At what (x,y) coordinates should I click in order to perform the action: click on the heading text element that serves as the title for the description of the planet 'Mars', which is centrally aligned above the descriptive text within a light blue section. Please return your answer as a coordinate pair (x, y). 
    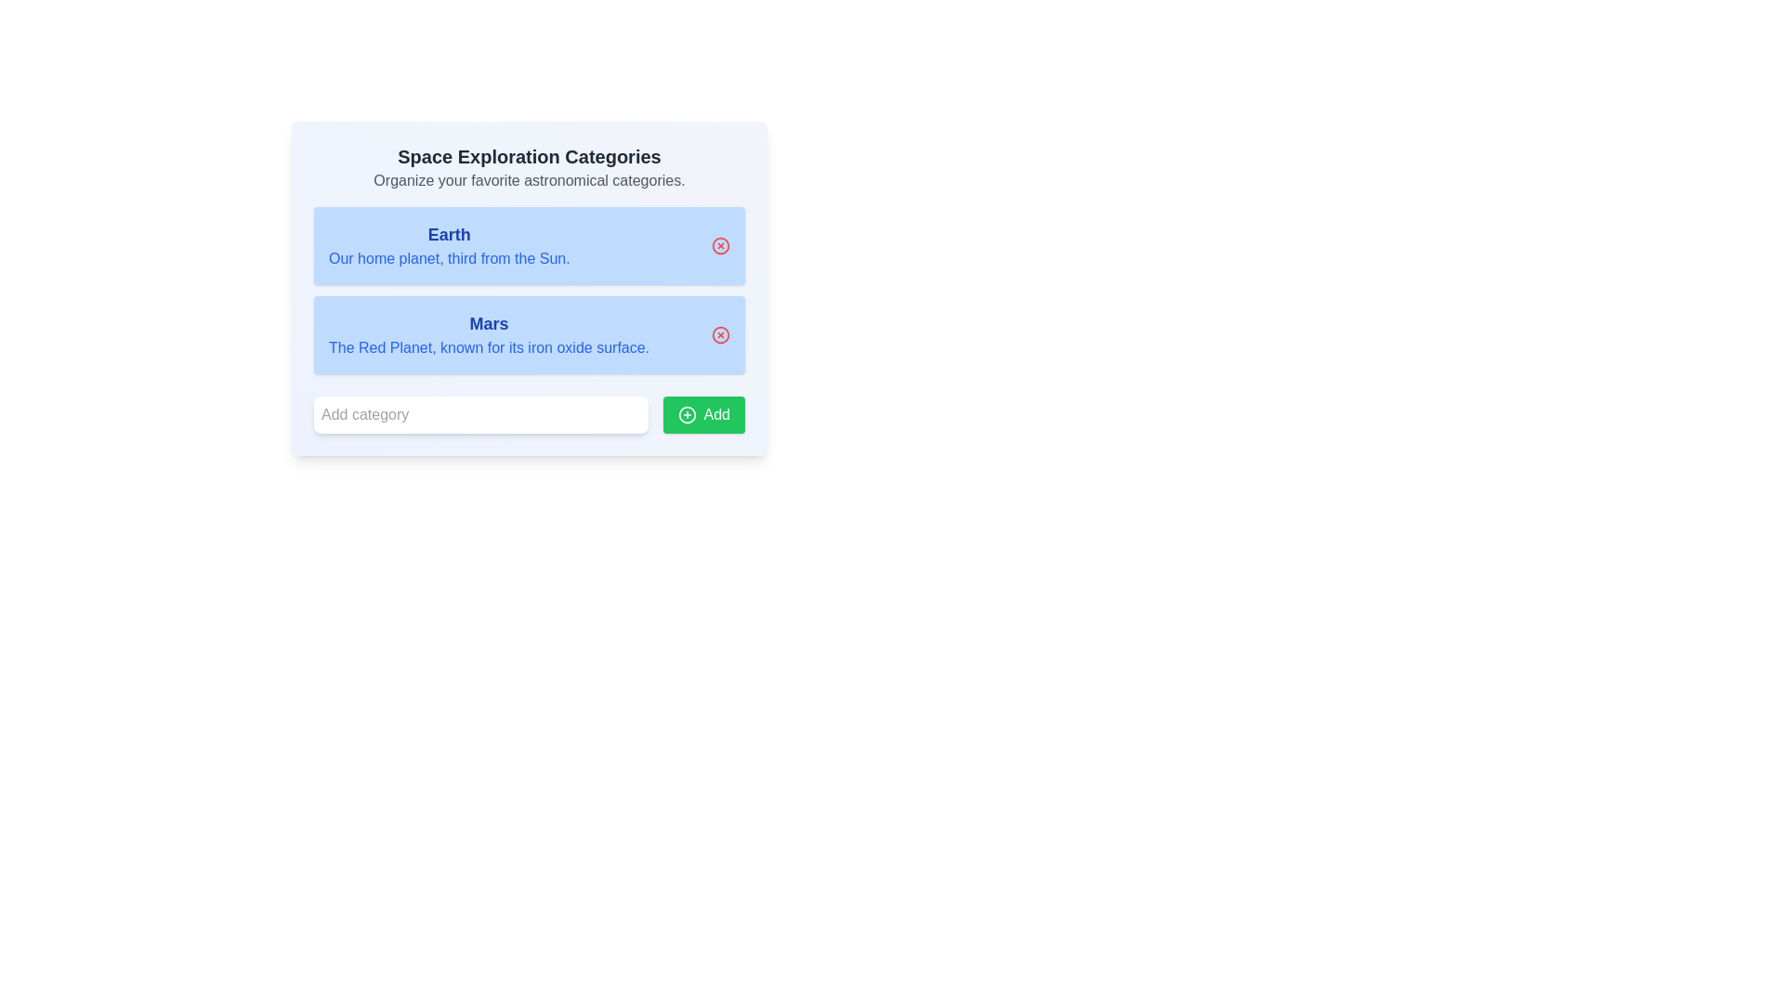
    Looking at the image, I should click on (489, 322).